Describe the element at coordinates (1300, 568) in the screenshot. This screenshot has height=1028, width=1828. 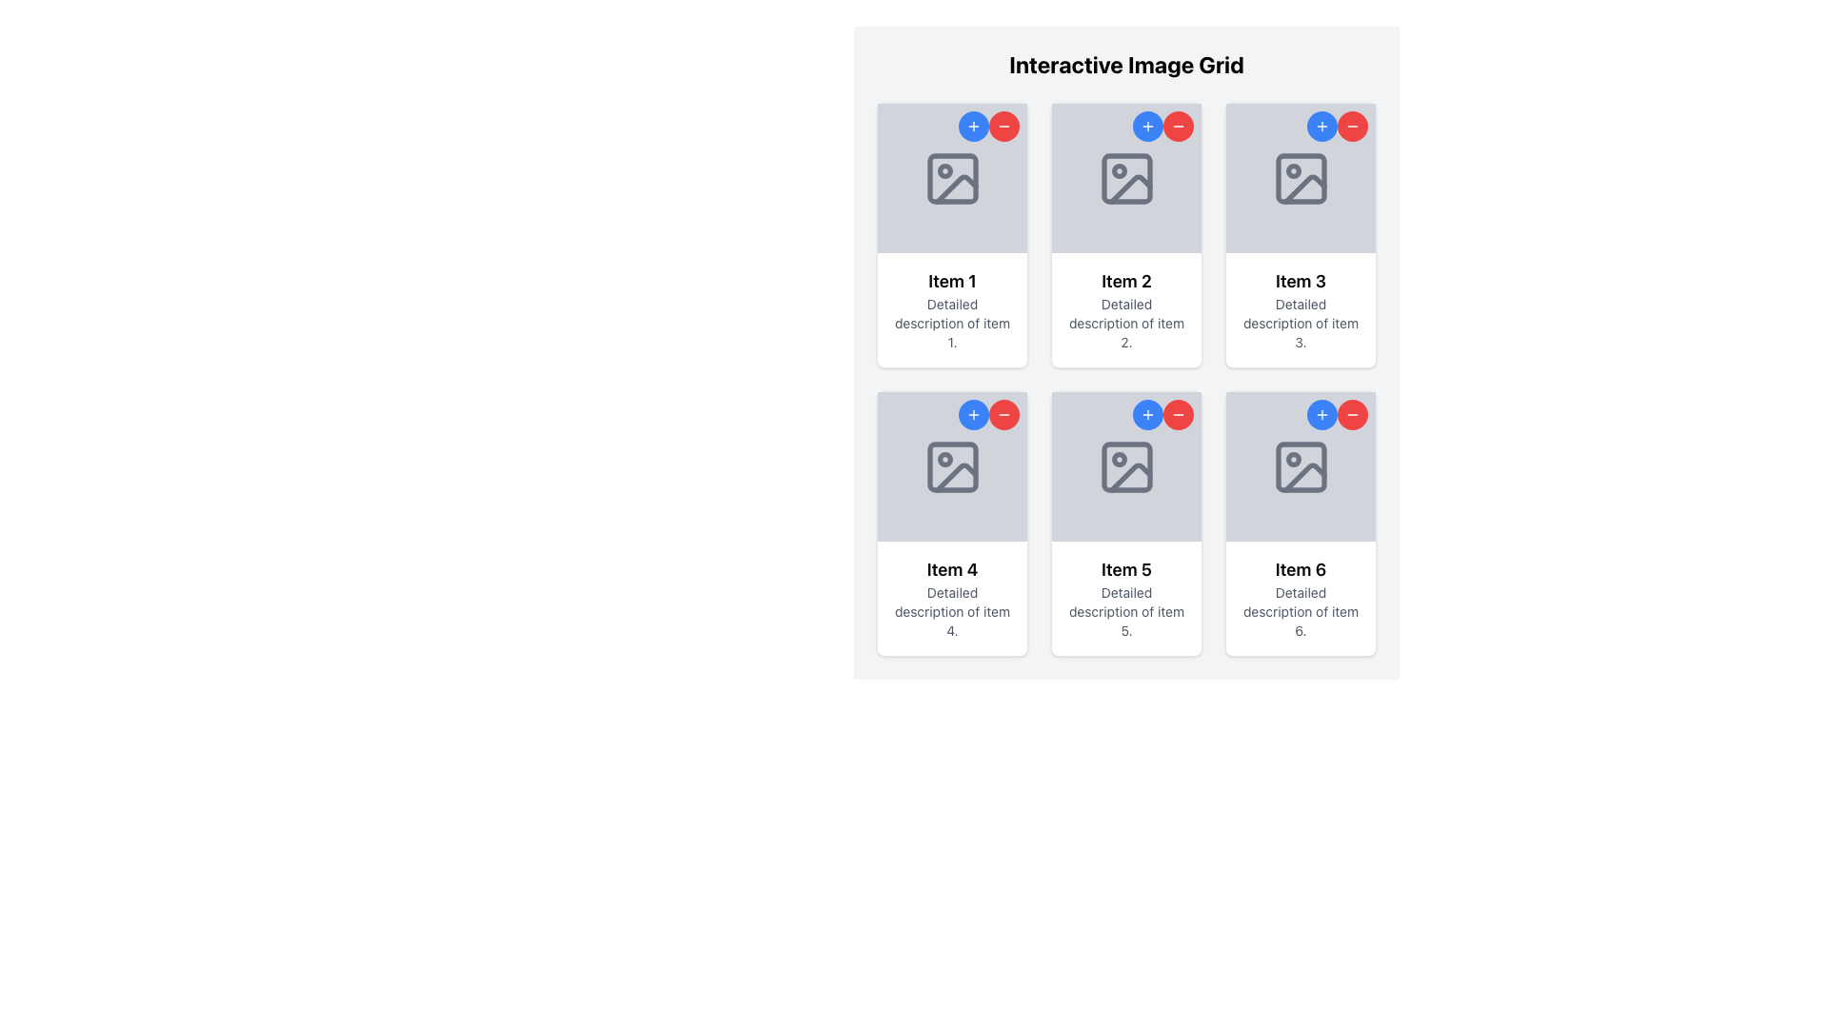
I see `the header title text located in the bottom-right corner of a 2x3 grid layout, which serves as the identification for an information card` at that location.